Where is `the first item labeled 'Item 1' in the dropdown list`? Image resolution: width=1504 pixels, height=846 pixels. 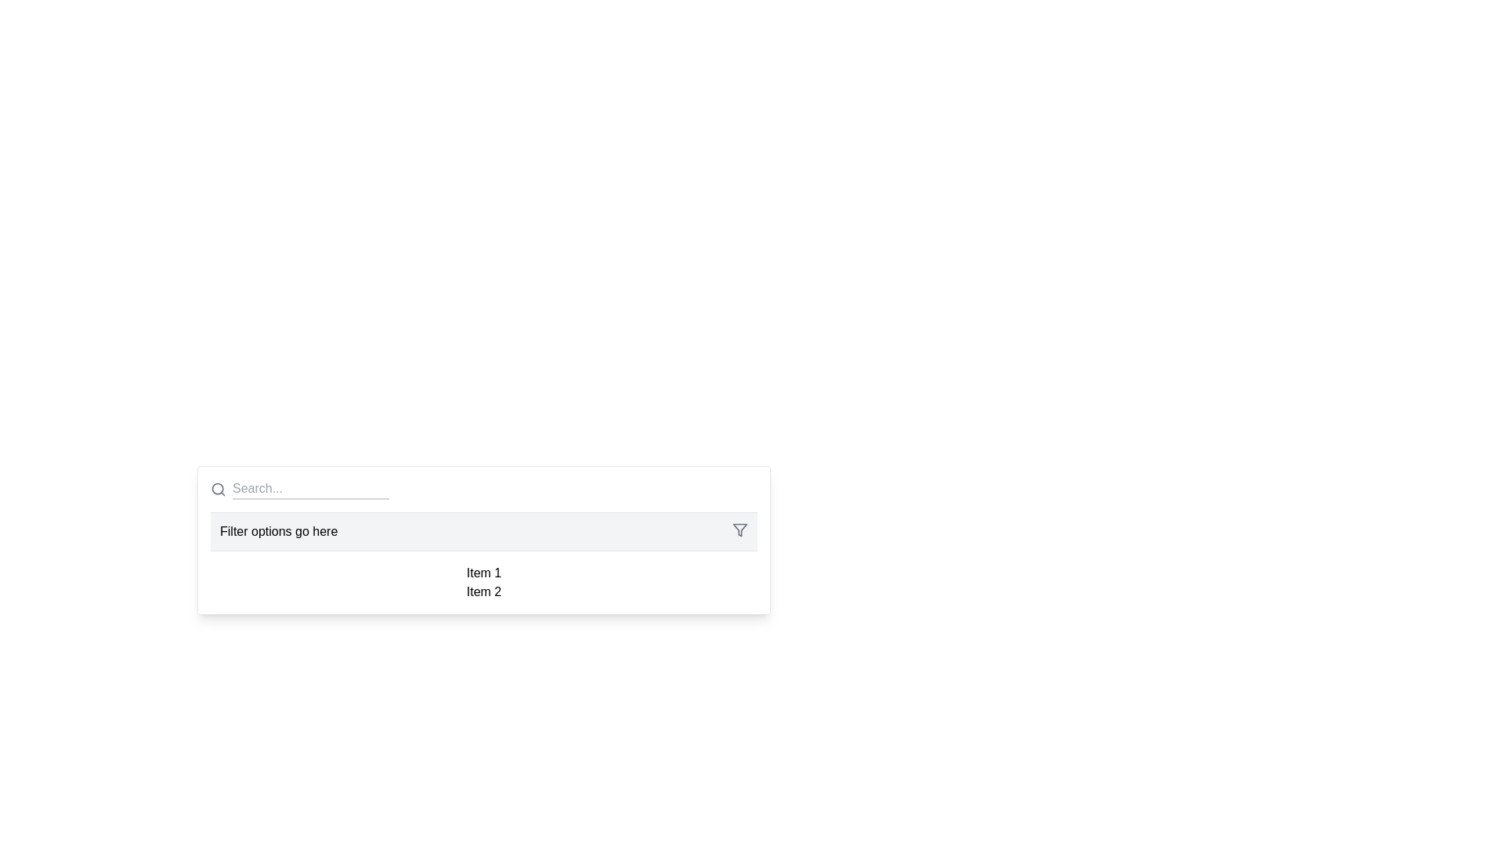
the first item labeled 'Item 1' in the dropdown list is located at coordinates (483, 573).